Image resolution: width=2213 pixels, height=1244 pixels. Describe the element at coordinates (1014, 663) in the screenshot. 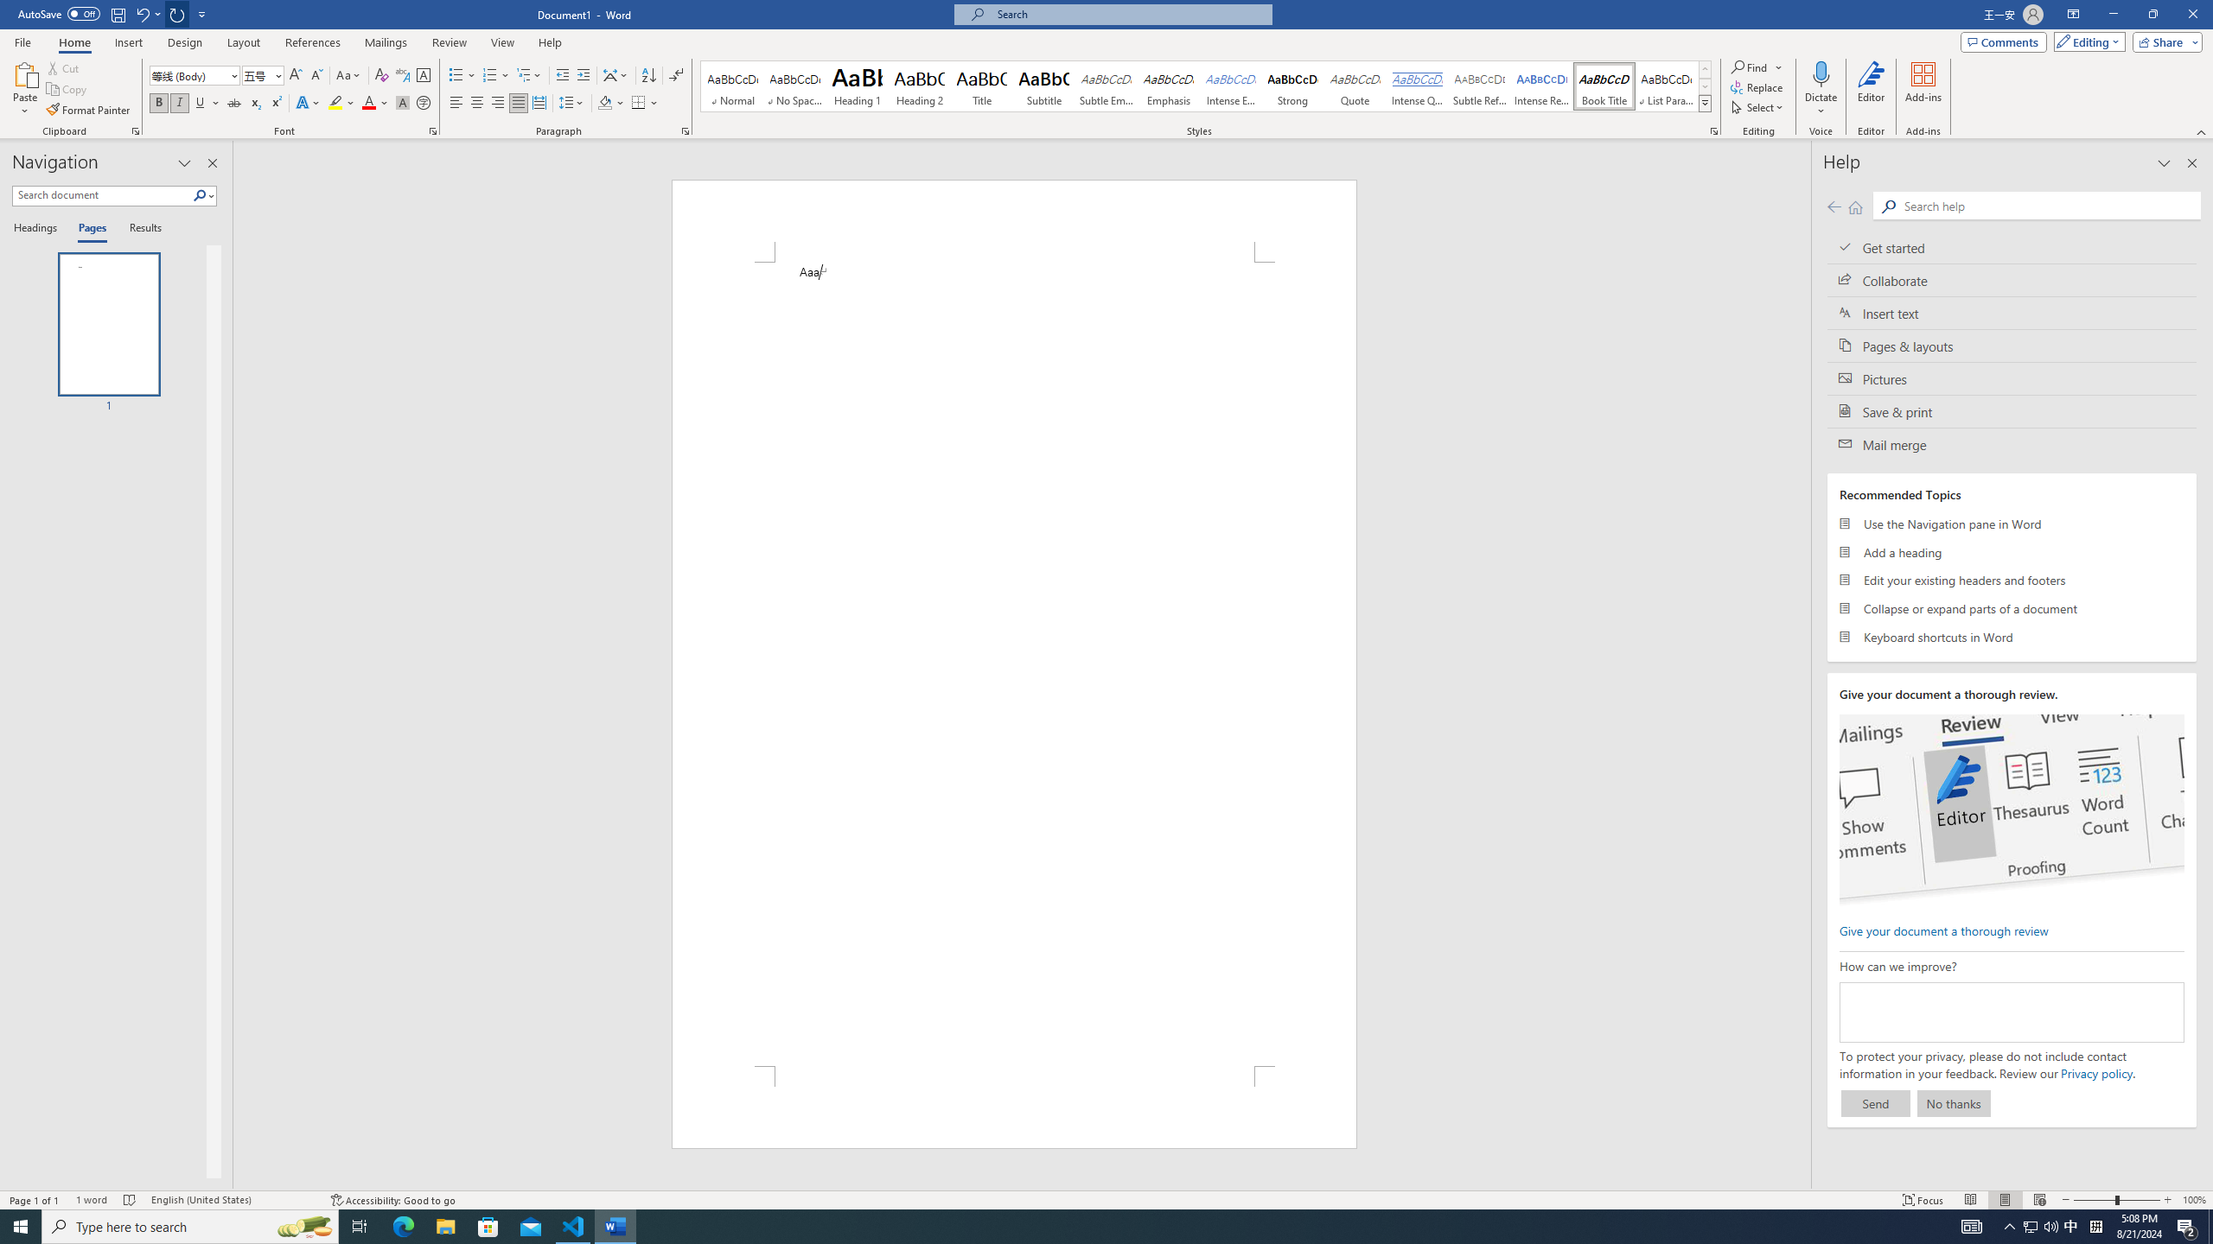

I see `'Page 1 content'` at that location.